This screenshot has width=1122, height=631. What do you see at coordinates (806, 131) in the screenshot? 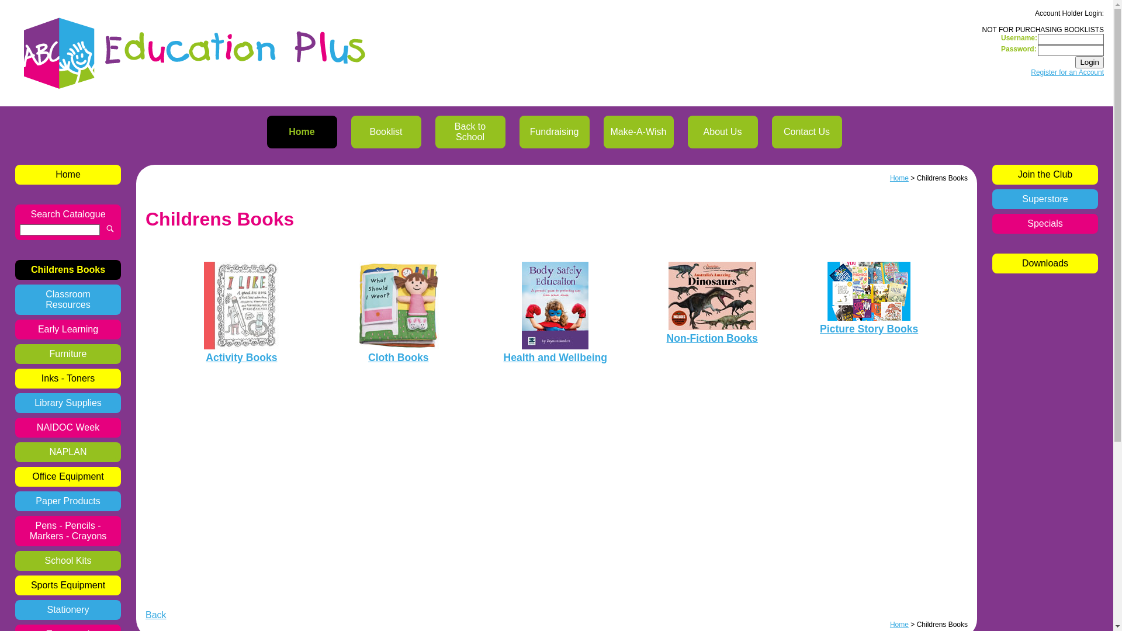
I see `'Contact Us'` at bounding box center [806, 131].